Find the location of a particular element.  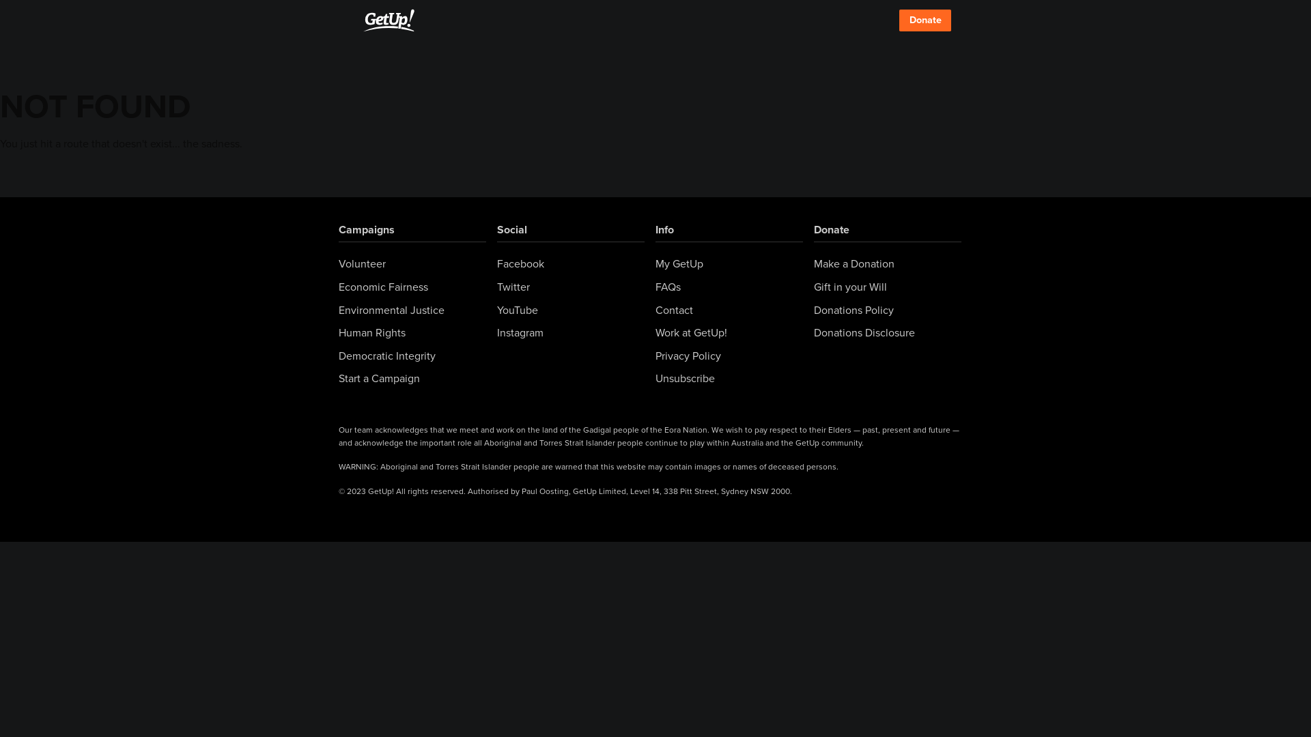

'Gift in your Will' is located at coordinates (813, 286).